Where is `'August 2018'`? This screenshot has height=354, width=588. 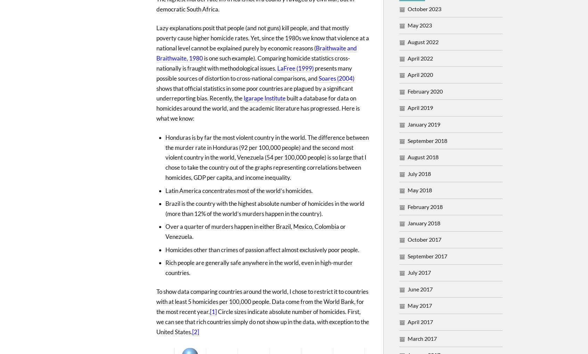
'August 2018' is located at coordinates (423, 156).